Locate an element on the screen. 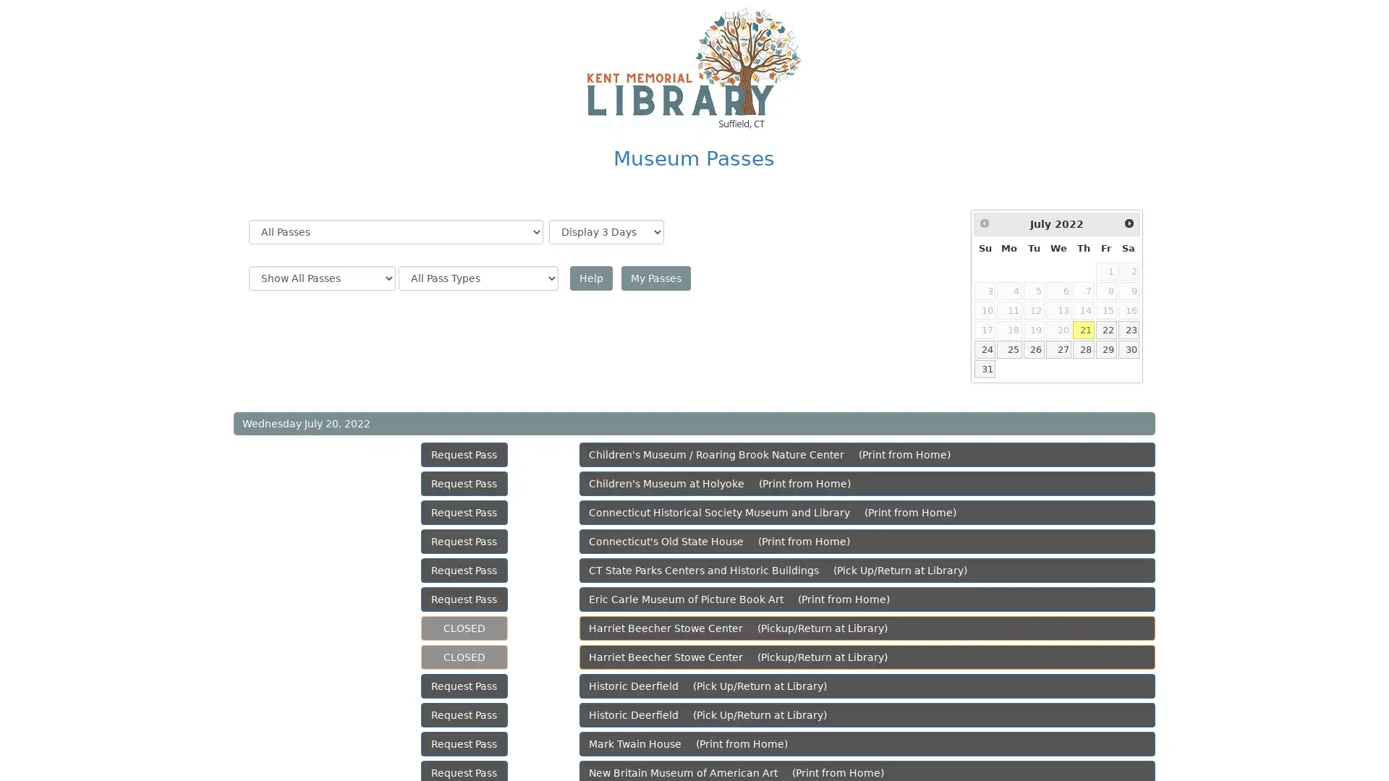 Image resolution: width=1389 pixels, height=781 pixels. Request Pass is located at coordinates (464, 685).